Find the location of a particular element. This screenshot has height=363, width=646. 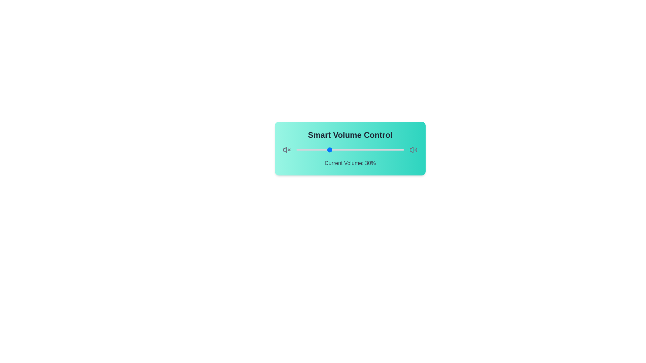

the volume slider to set the volume to 95% is located at coordinates (399, 150).